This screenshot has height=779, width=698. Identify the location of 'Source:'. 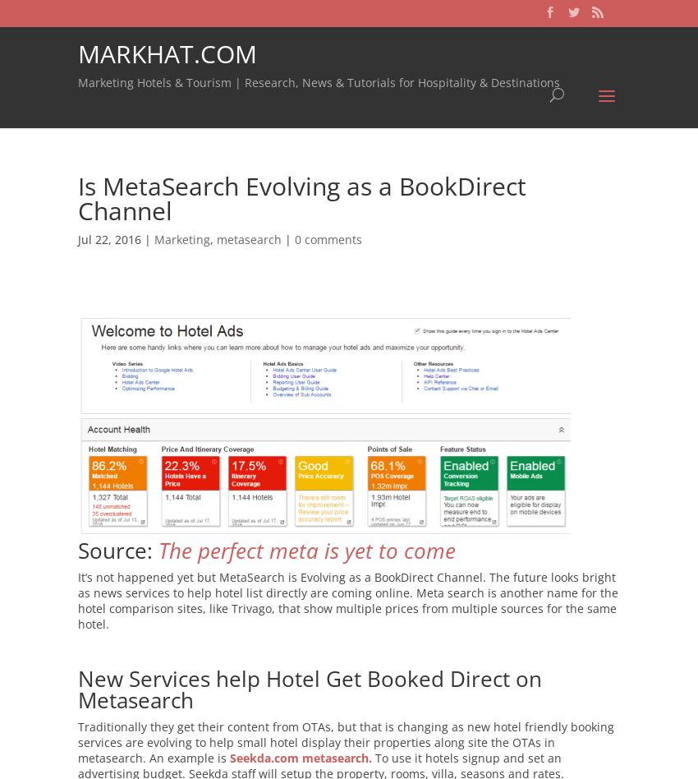
(117, 550).